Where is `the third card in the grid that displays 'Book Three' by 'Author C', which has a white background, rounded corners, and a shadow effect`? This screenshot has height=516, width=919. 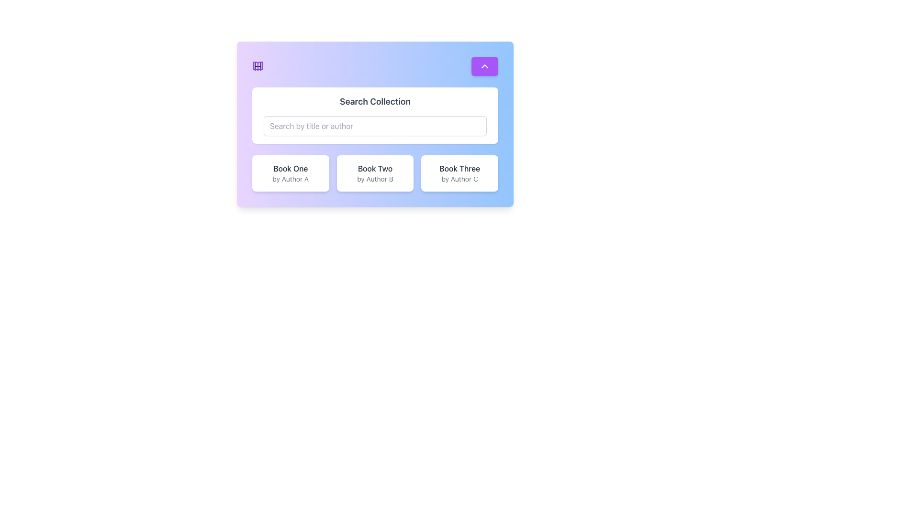
the third card in the grid that displays 'Book Three' by 'Author C', which has a white background, rounded corners, and a shadow effect is located at coordinates (459, 173).